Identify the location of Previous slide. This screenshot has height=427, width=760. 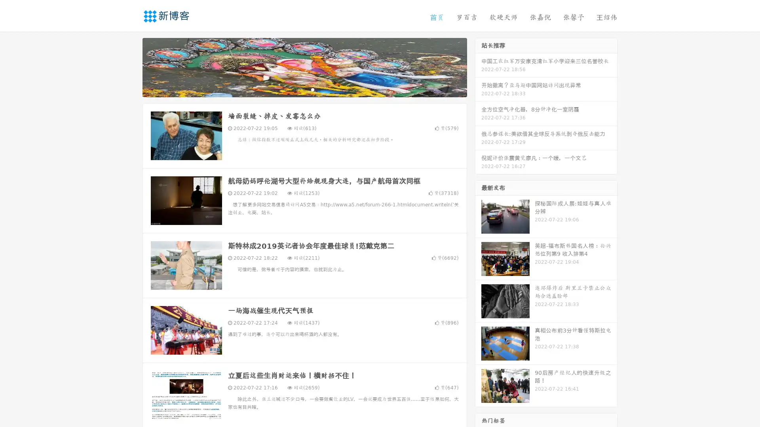
(131, 66).